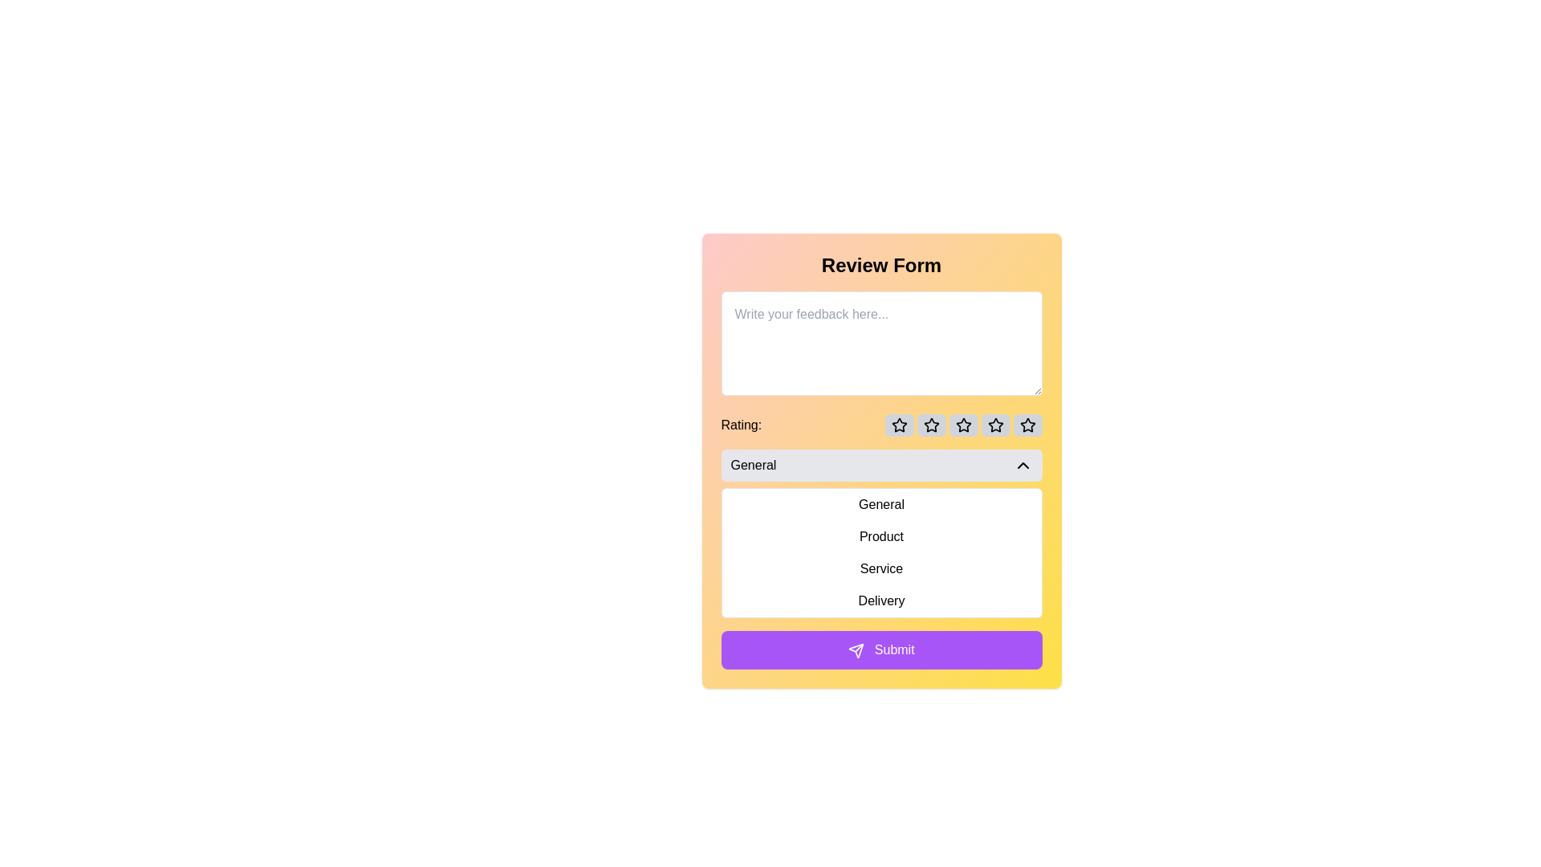 Image resolution: width=1541 pixels, height=867 pixels. I want to click on the fourth star-shaped rating icon, which is outlined and part of a group of five icons under the 'Rating' label, so click(994, 424).